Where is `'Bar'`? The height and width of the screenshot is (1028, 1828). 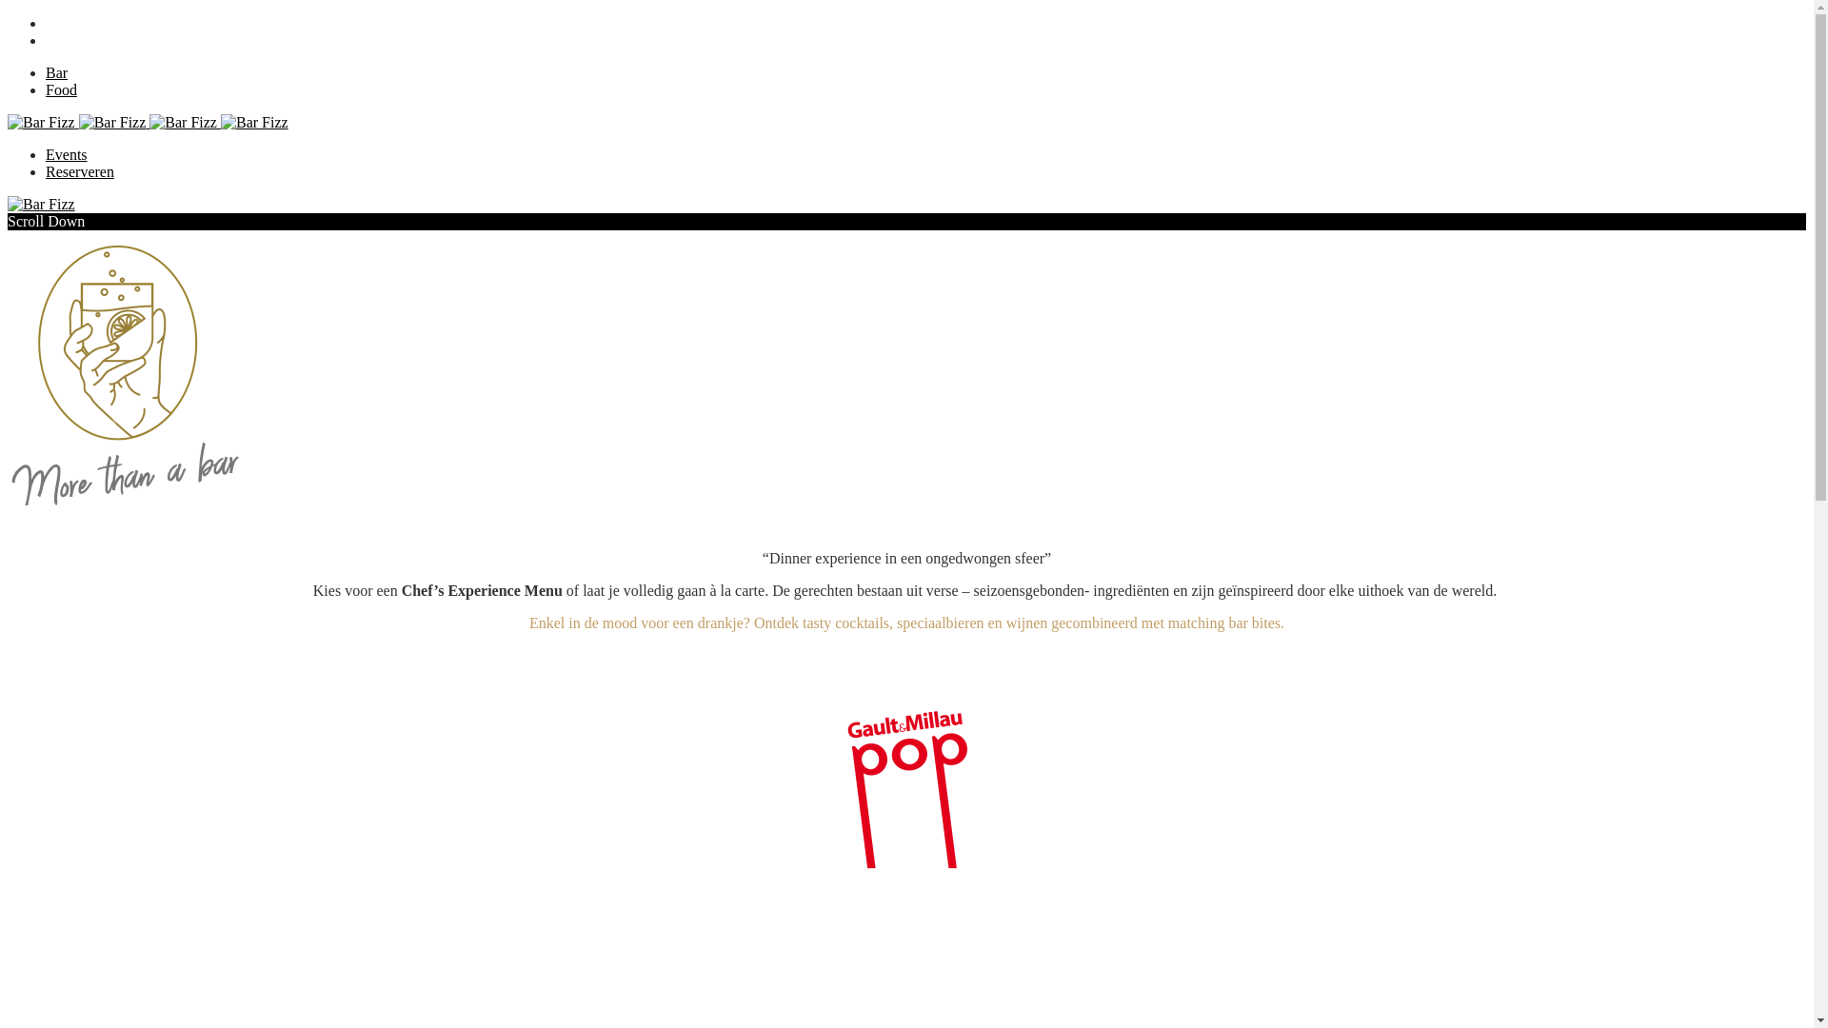
'Bar' is located at coordinates (46, 71).